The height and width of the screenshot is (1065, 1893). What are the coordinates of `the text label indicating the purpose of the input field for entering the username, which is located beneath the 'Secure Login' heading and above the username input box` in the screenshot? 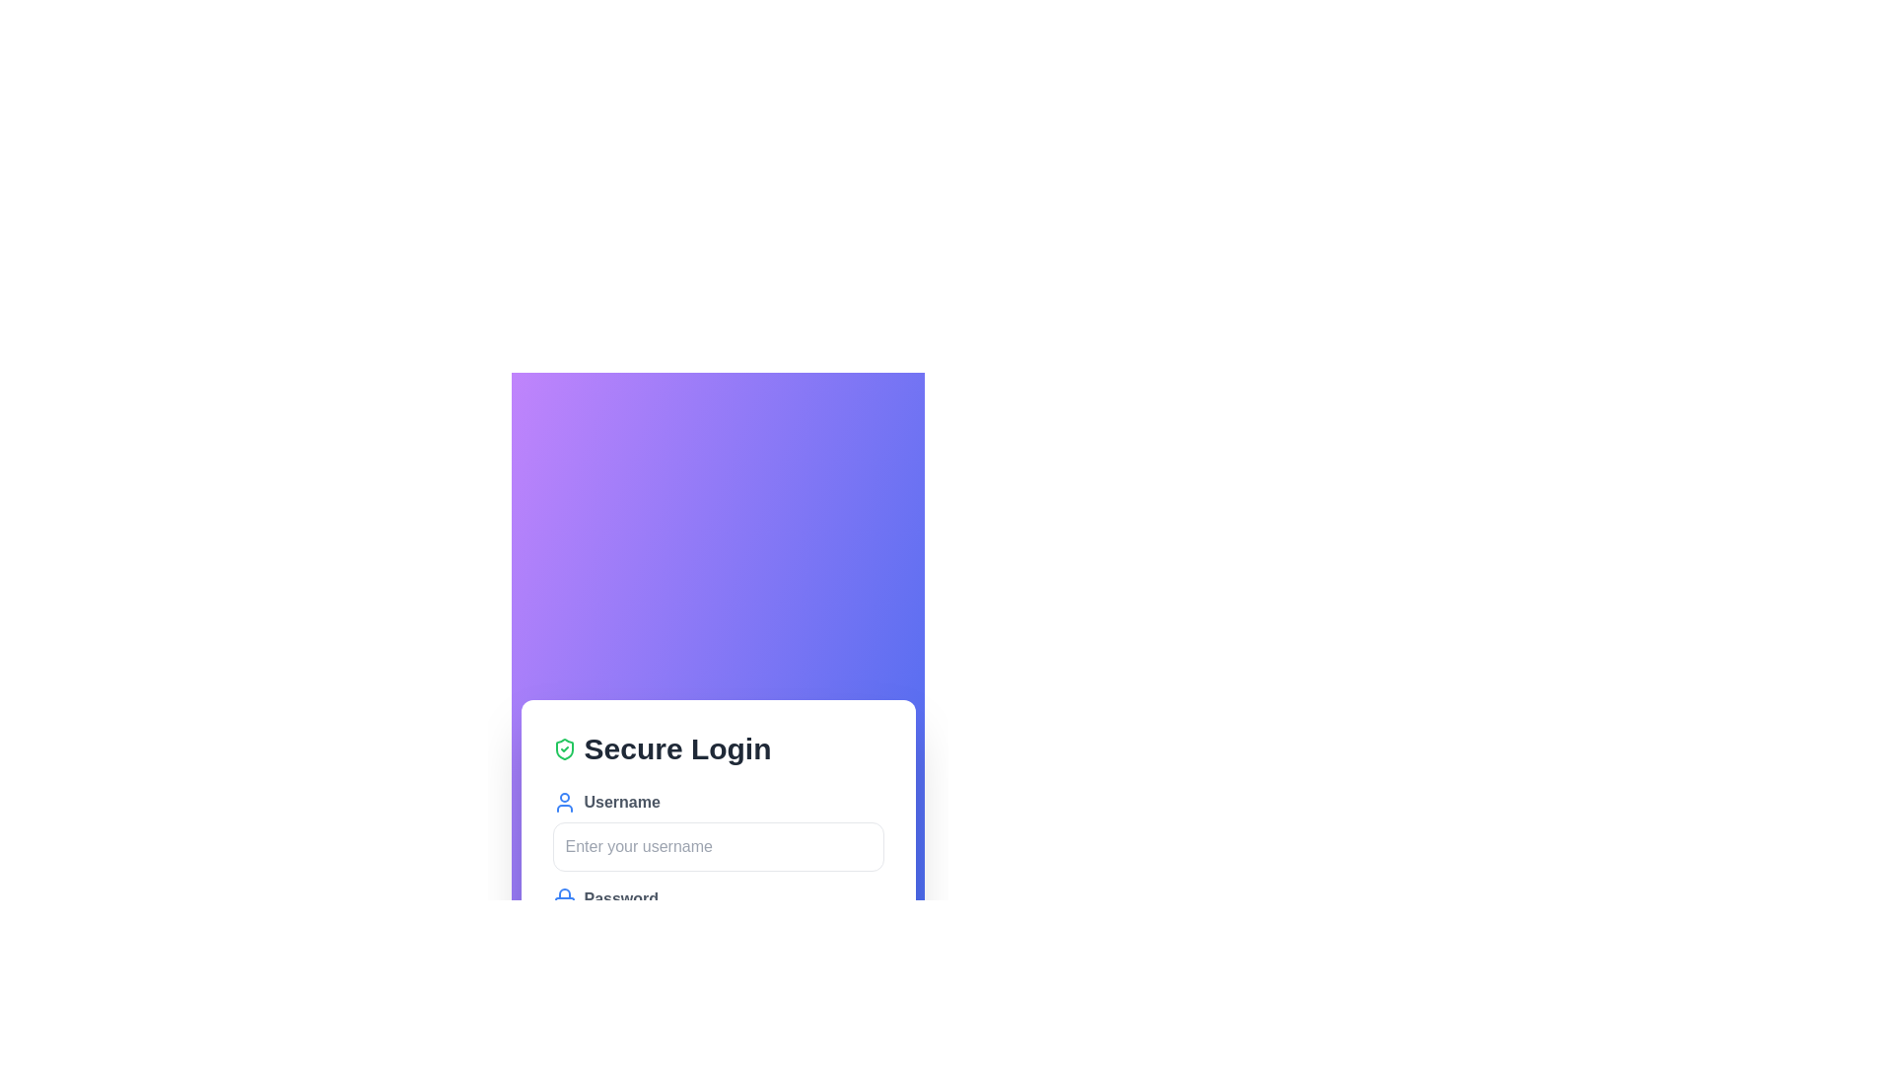 It's located at (621, 802).